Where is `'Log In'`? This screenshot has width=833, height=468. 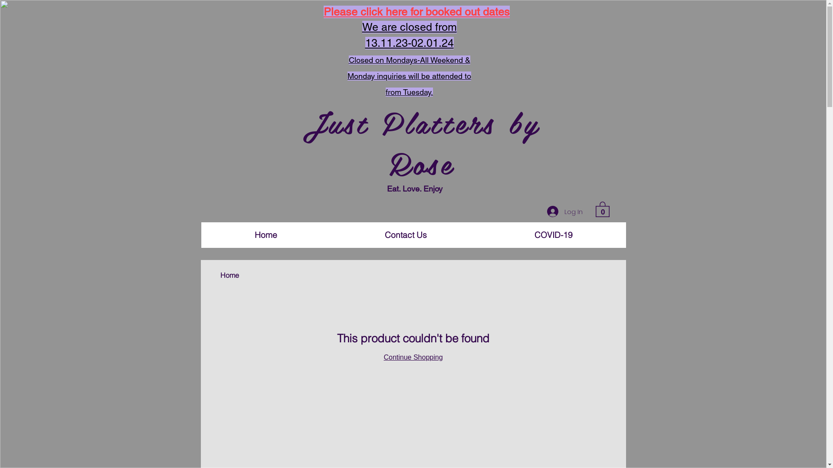 'Log In' is located at coordinates (564, 211).